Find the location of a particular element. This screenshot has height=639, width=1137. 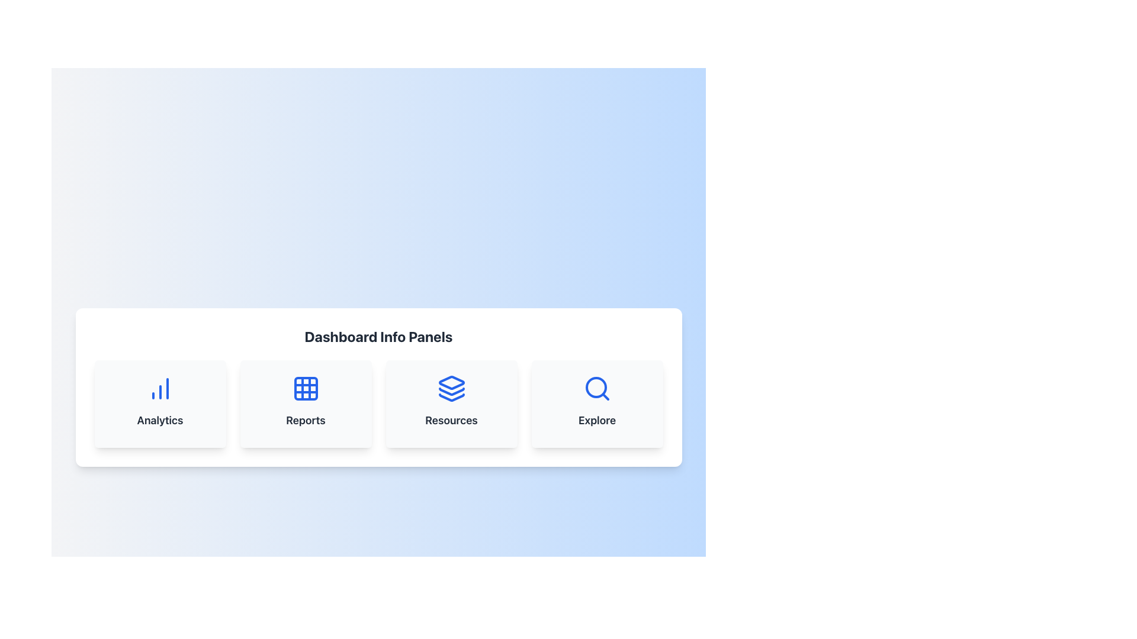

the 'Reports' card, which is the second card in a horizontal grid is located at coordinates (306, 403).